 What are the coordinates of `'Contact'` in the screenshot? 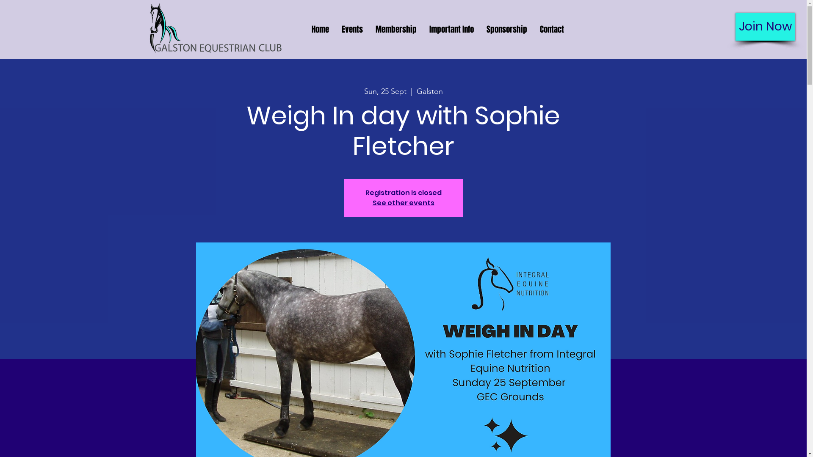 It's located at (552, 29).